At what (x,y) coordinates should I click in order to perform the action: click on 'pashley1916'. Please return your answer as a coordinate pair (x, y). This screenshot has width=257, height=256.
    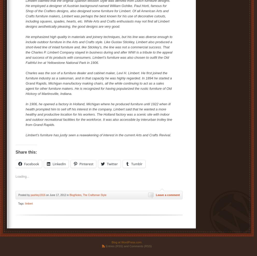
    Looking at the image, I should click on (38, 195).